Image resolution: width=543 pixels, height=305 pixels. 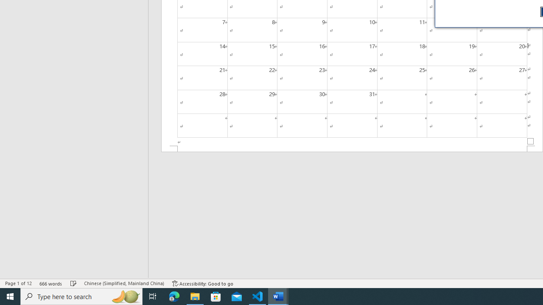 What do you see at coordinates (278, 296) in the screenshot?
I see `'Word - 2 running windows'` at bounding box center [278, 296].